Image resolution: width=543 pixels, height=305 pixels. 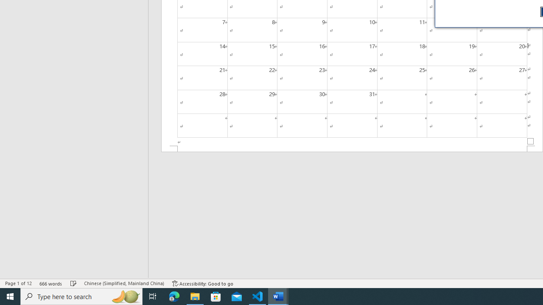 What do you see at coordinates (278, 296) in the screenshot?
I see `'Word - 2 running windows'` at bounding box center [278, 296].